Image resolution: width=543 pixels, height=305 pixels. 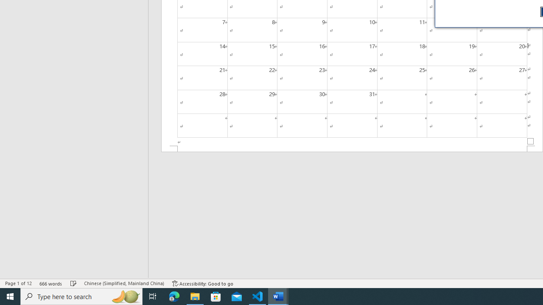 What do you see at coordinates (278, 296) in the screenshot?
I see `'Word - 2 running windows'` at bounding box center [278, 296].